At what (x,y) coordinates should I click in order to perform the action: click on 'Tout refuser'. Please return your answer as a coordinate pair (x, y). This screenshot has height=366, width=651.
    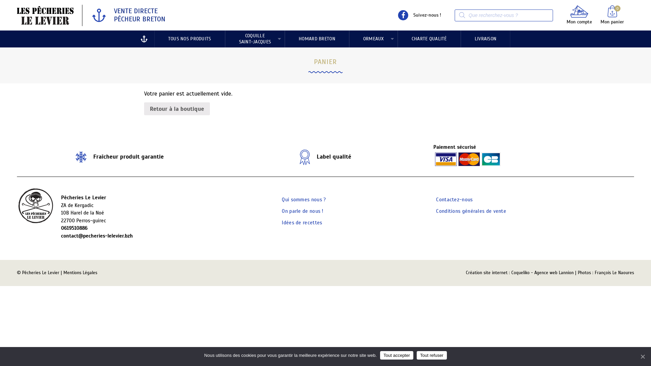
    Looking at the image, I should click on (431, 355).